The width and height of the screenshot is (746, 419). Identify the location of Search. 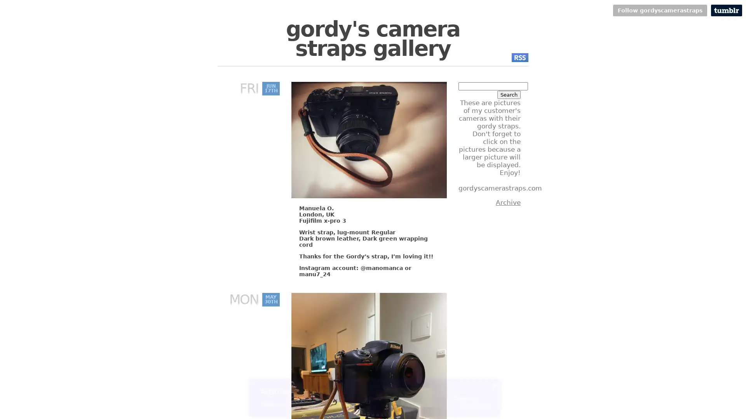
(509, 94).